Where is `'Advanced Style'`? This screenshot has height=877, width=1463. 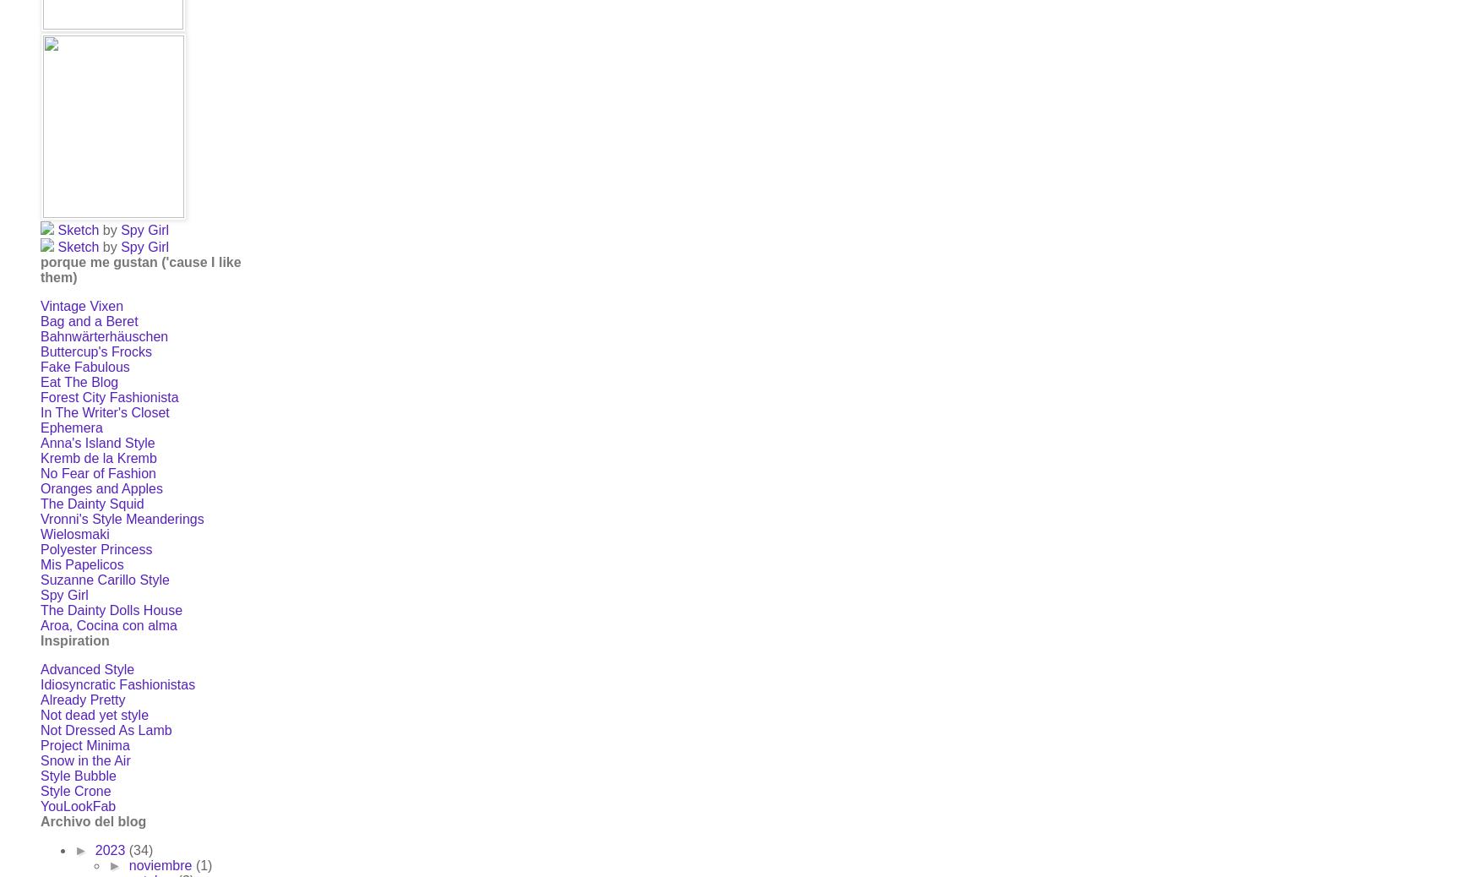
'Advanced Style' is located at coordinates (87, 668).